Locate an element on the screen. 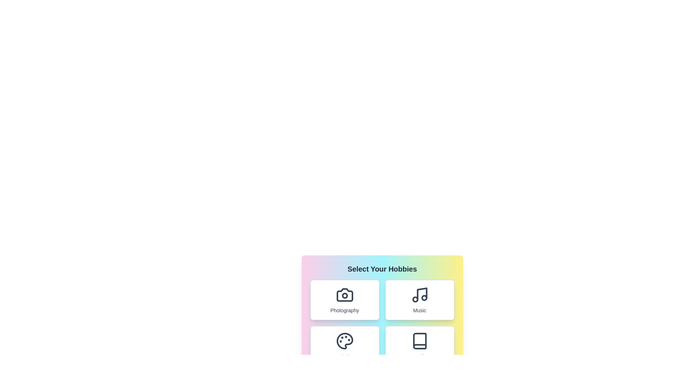 The width and height of the screenshot is (692, 389). the Reading button to observe the visual effect is located at coordinates (420, 345).